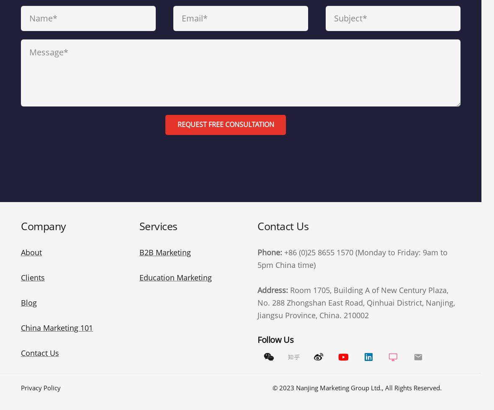 The image size is (494, 410). I want to click on 'Room 1705, Building A of New Century Plaza, No. 288 Zhongshan East Road, Qinhuai District, Nanjing, Jiangsu Province, China. 210002', so click(356, 302).